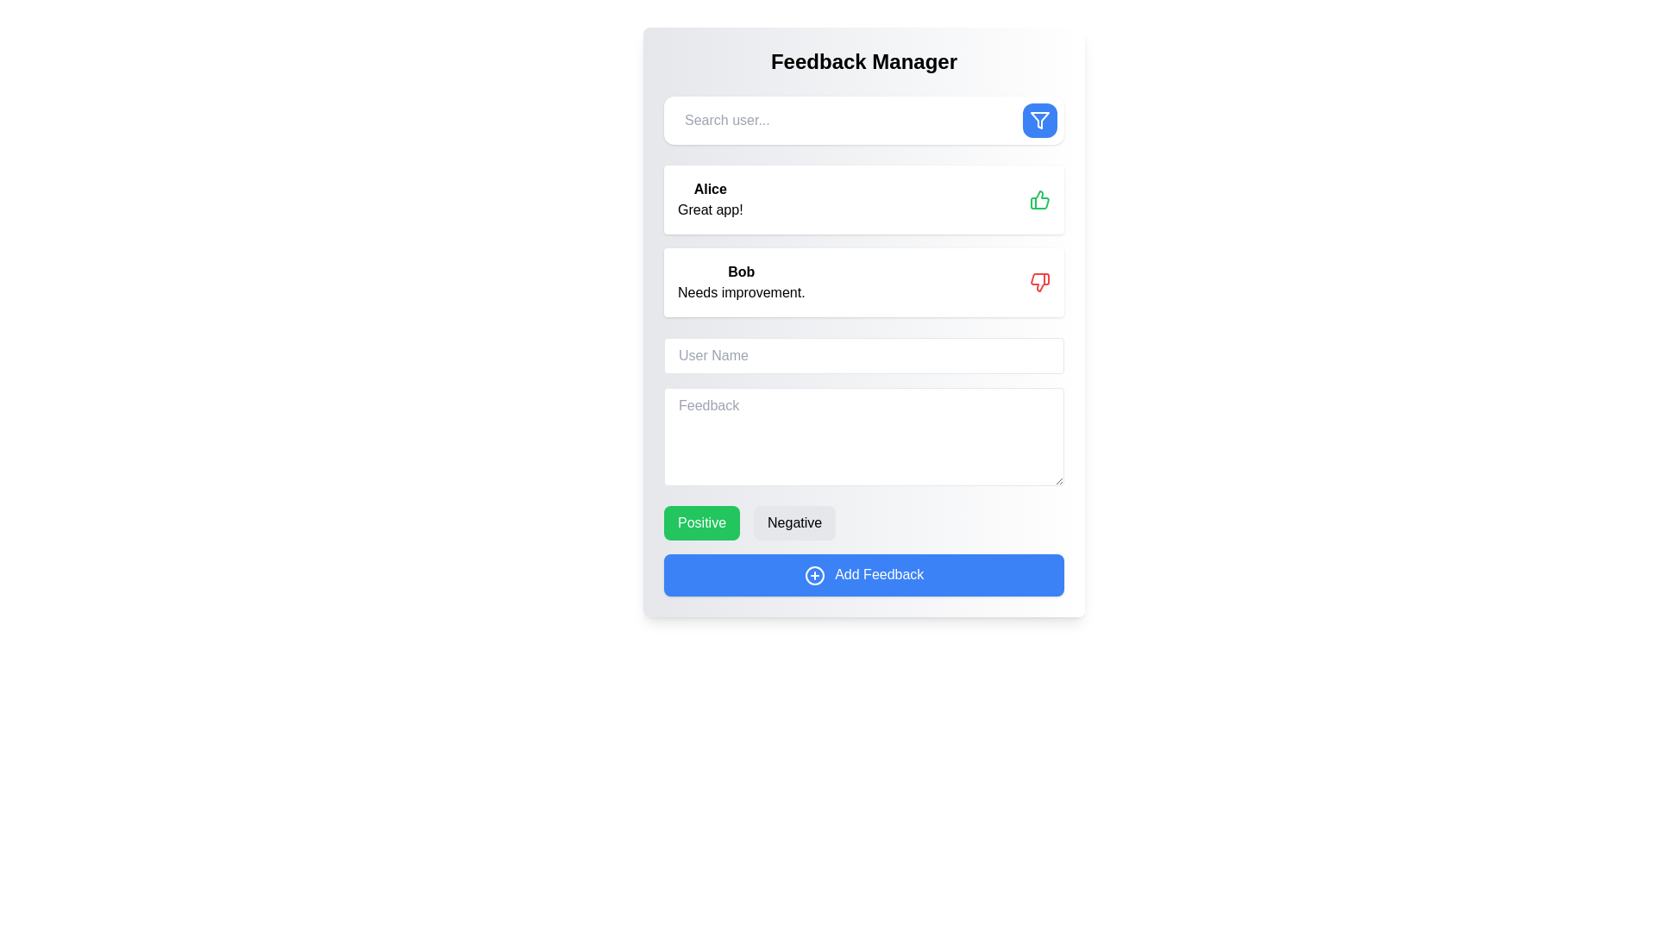  I want to click on the text label representing the user's name associated with the feedback entry located at the upper portion of the feedback item in the feedback manager interface, so click(710, 189).